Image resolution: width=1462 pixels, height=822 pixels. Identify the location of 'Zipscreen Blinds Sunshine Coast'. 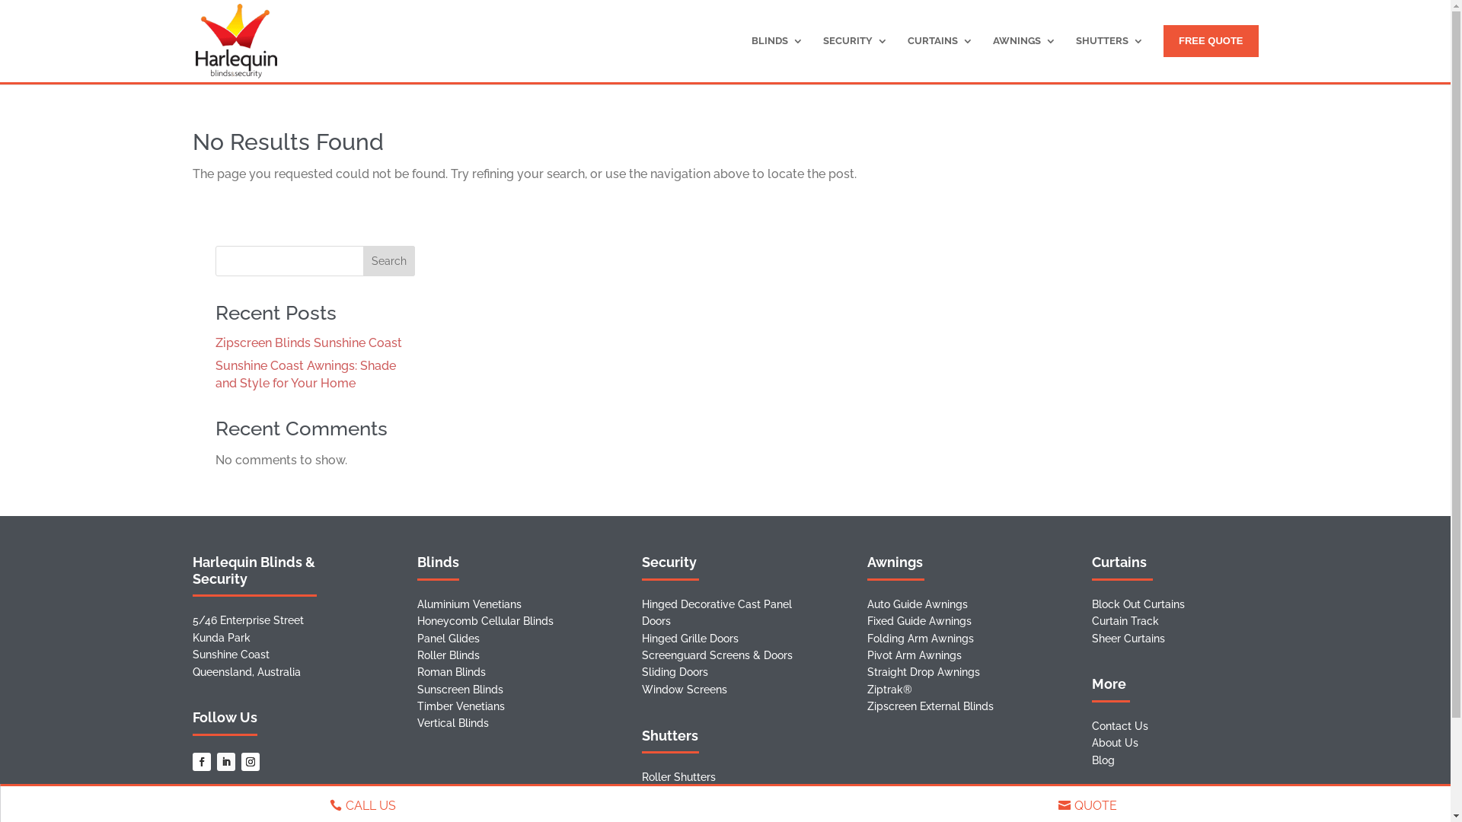
(307, 342).